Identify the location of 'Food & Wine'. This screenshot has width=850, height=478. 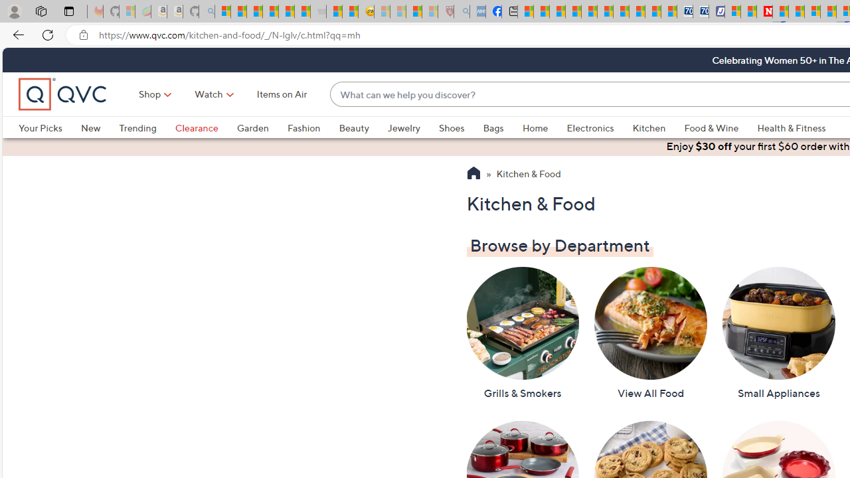
(720, 127).